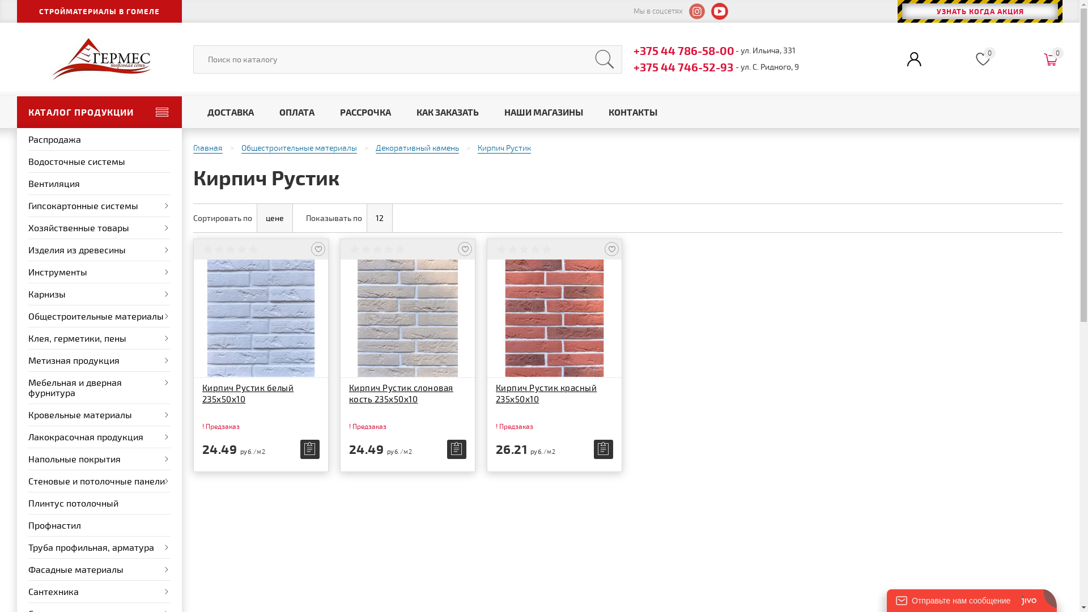  Describe the element at coordinates (633, 49) in the screenshot. I see `'+375 44 786-58-00'` at that location.